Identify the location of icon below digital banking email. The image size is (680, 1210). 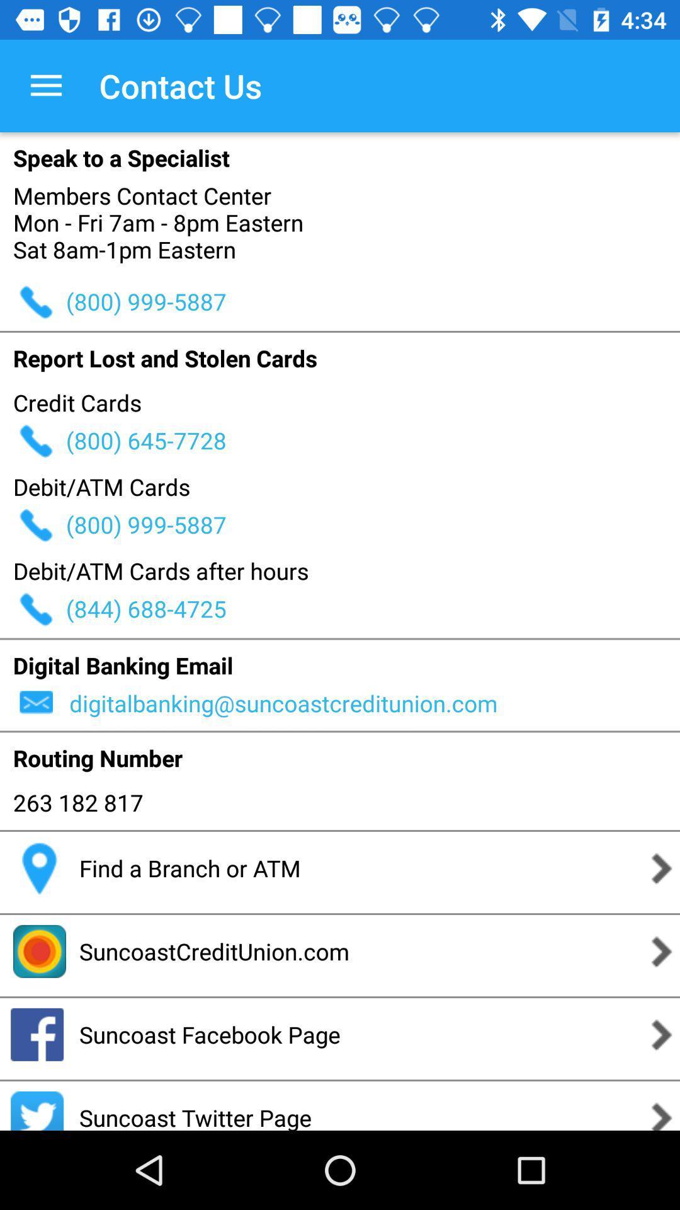
(372, 703).